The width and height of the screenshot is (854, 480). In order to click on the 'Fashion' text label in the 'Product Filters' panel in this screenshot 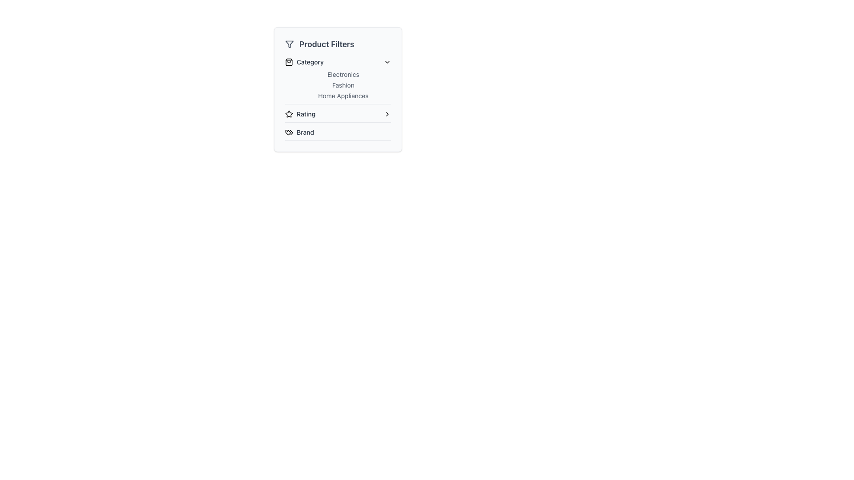, I will do `click(343, 85)`.